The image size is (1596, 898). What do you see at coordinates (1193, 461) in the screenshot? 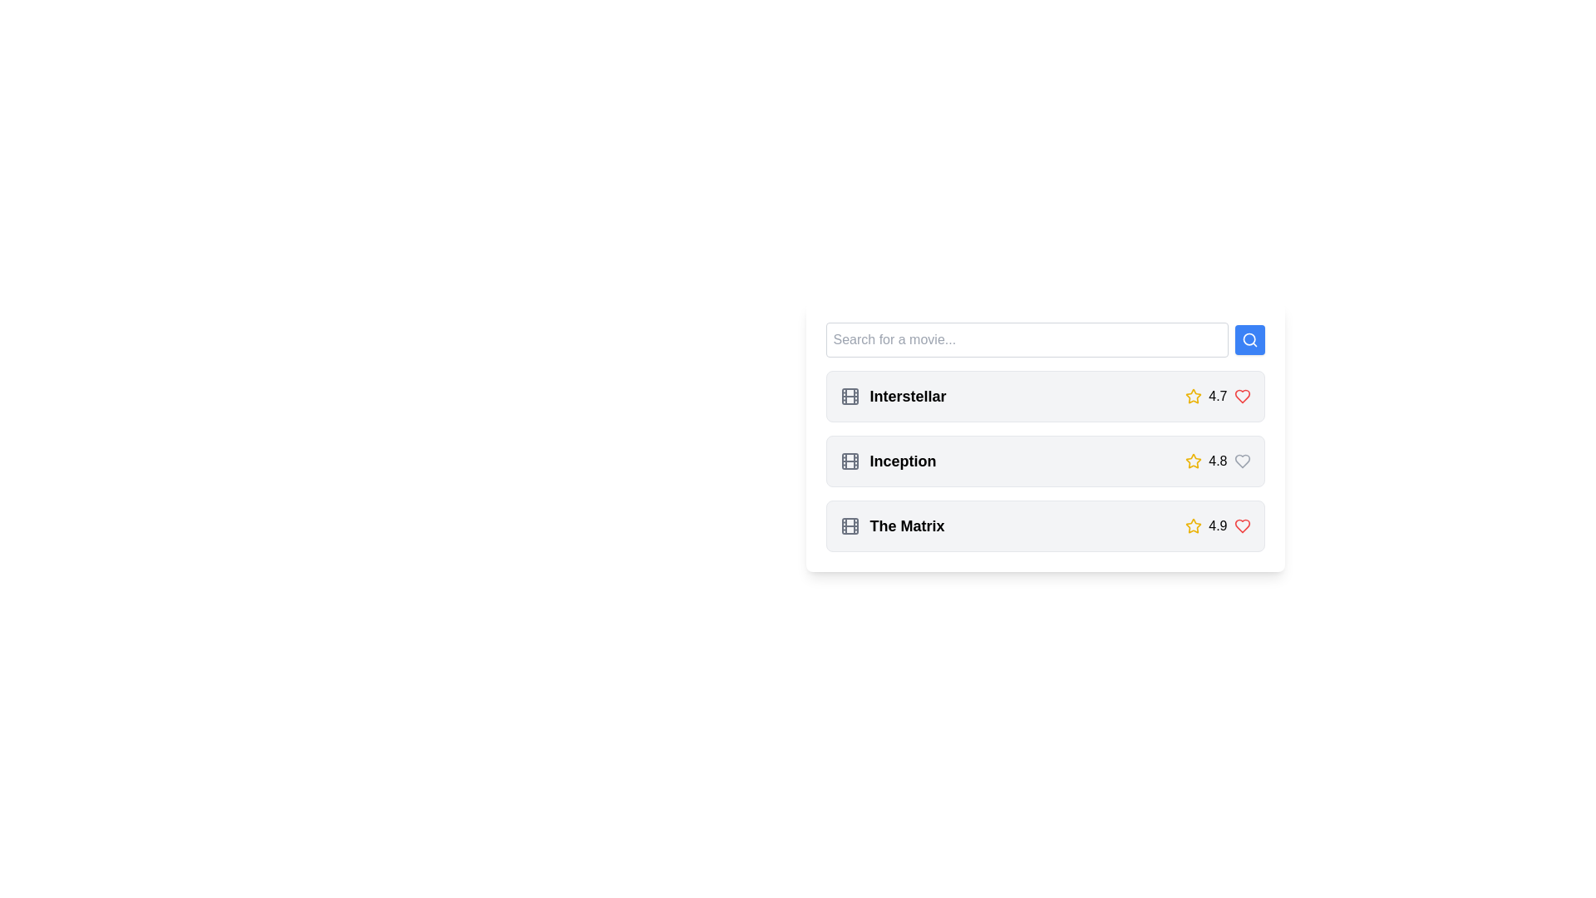
I see `the yellow star icon located next to the rating '4.8' for the movie 'Inception'` at bounding box center [1193, 461].